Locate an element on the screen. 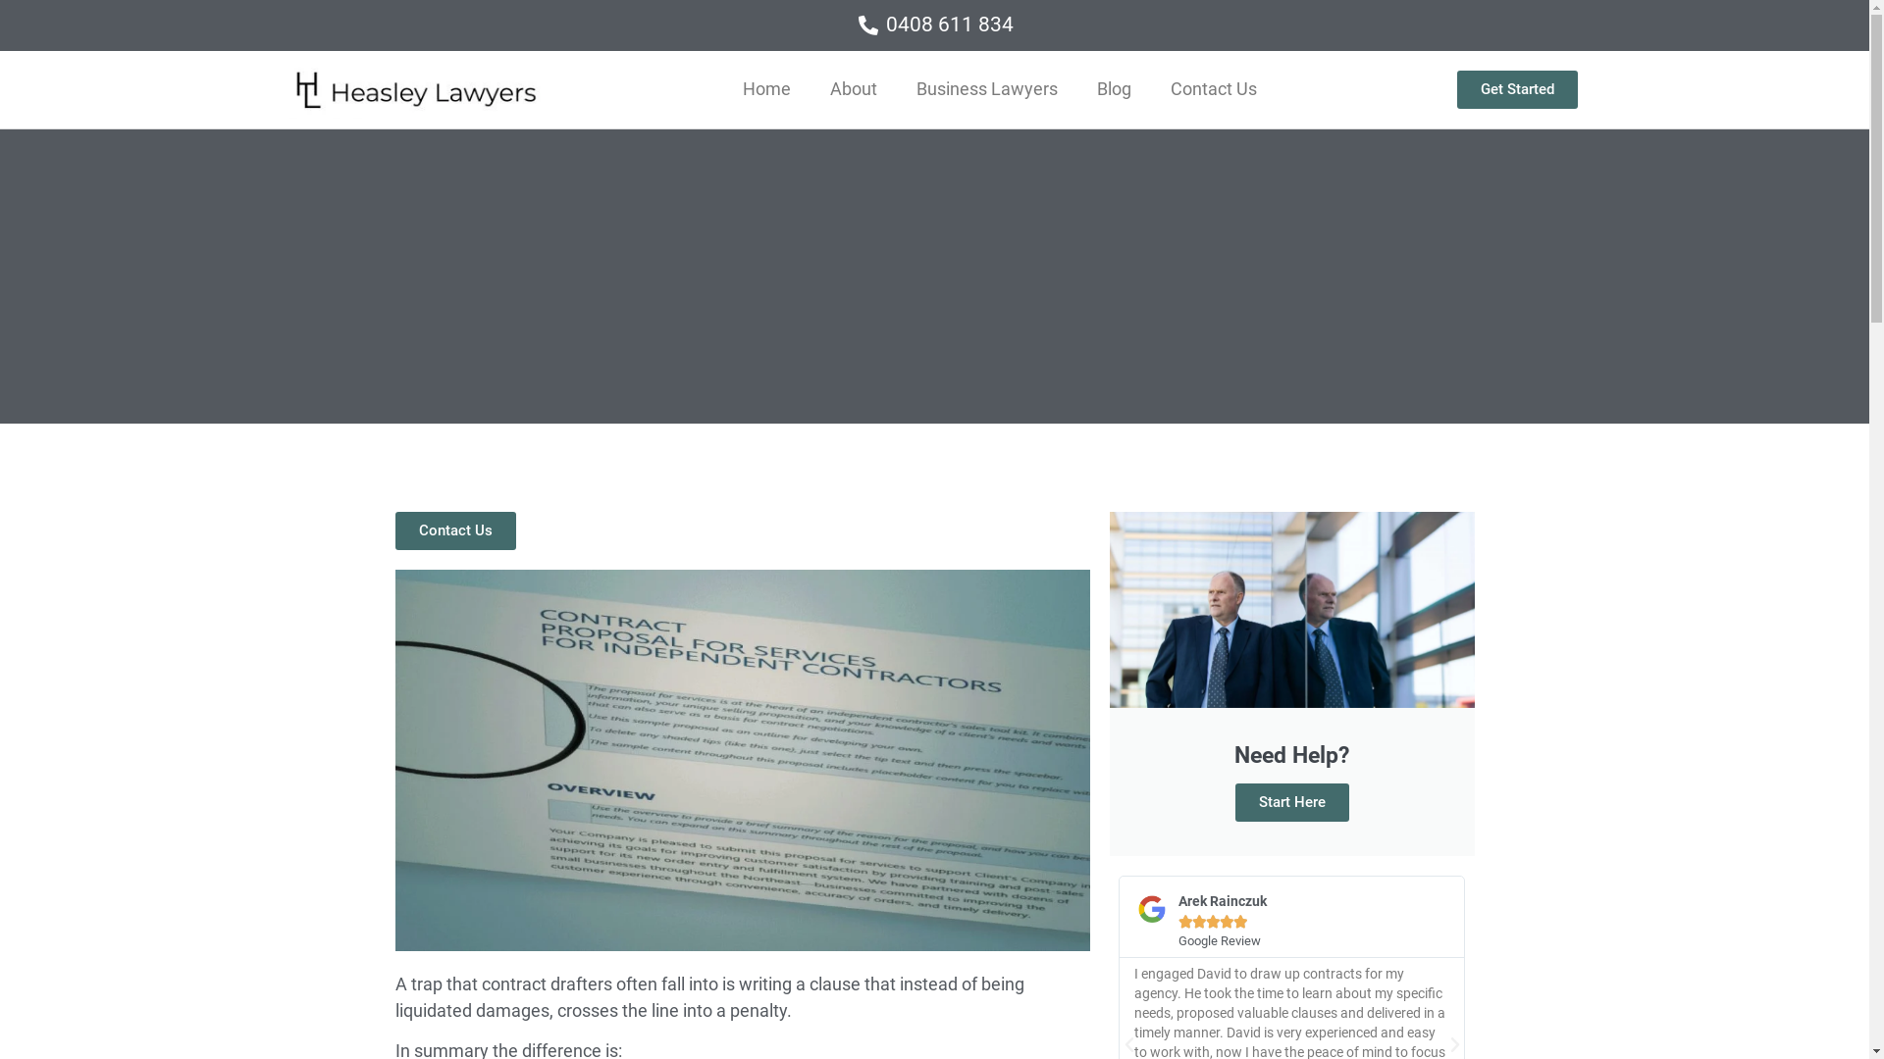 This screenshot has width=1884, height=1059. 'Blog' is located at coordinates (1076, 89).